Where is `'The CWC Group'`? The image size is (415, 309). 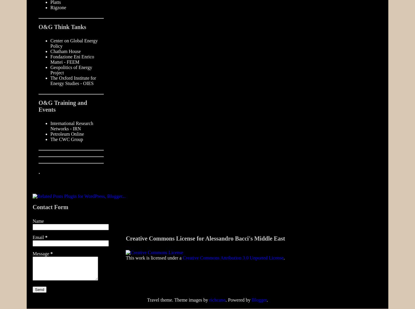
'The CWC Group' is located at coordinates (66, 139).